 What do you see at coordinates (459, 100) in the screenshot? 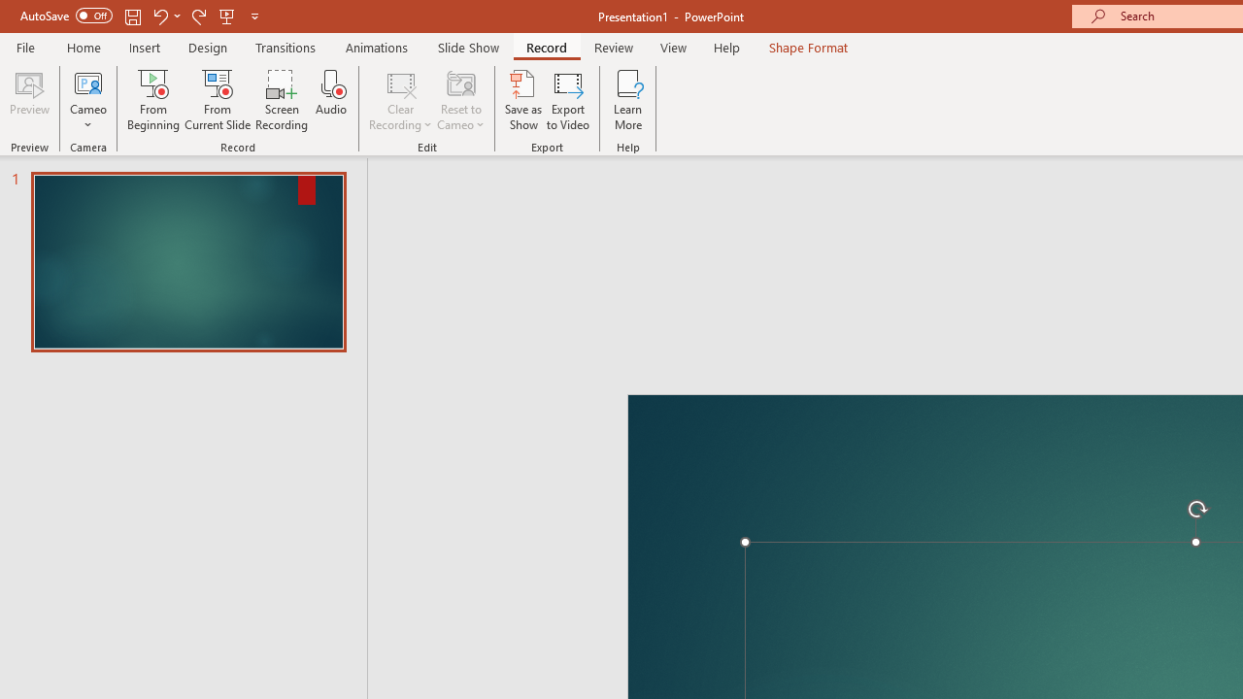
I see `'Reset to Cameo'` at bounding box center [459, 100].